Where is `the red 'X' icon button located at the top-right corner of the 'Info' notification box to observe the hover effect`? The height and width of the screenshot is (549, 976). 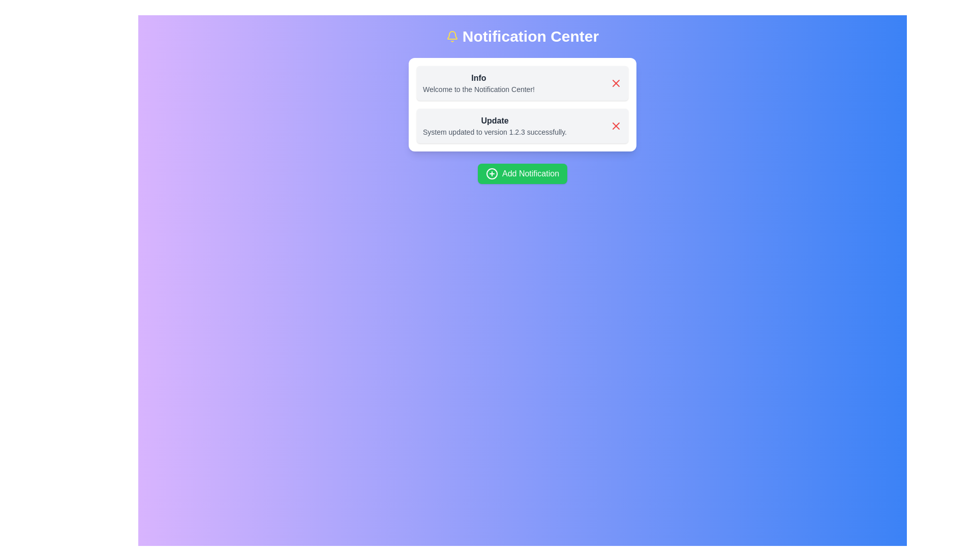
the red 'X' icon button located at the top-right corner of the 'Info' notification box to observe the hover effect is located at coordinates (615, 83).